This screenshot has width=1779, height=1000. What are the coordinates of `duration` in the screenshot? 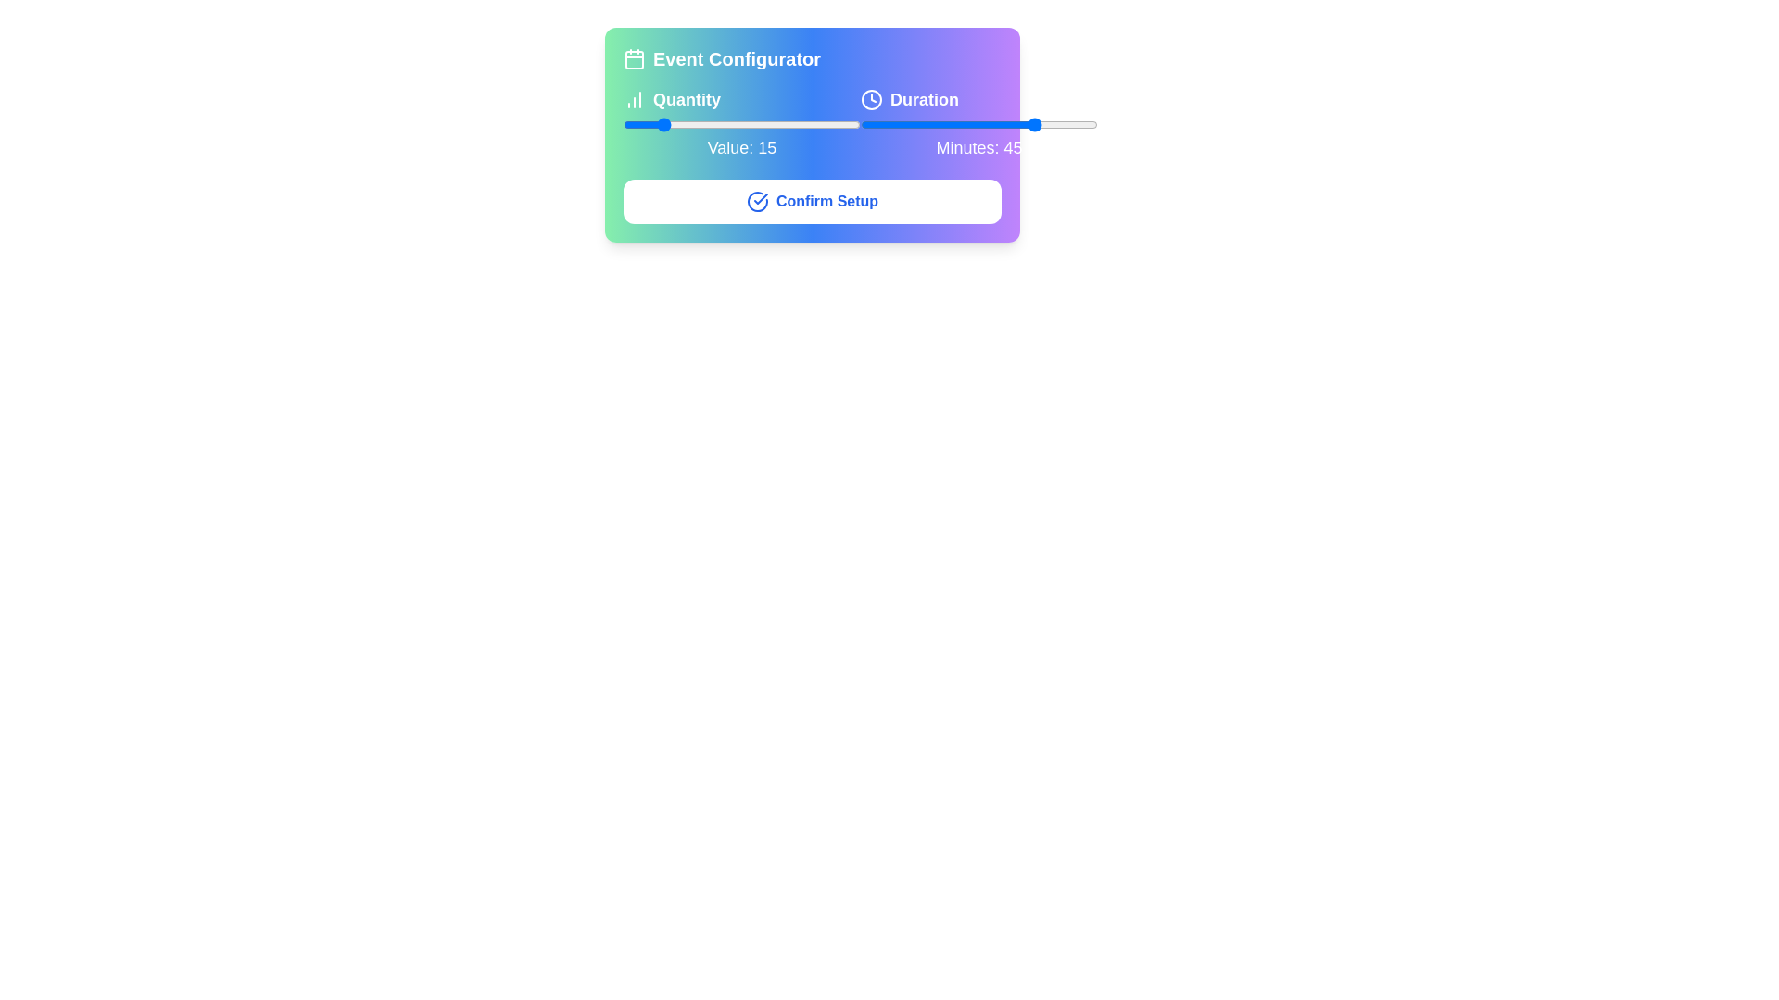 It's located at (1002, 125).